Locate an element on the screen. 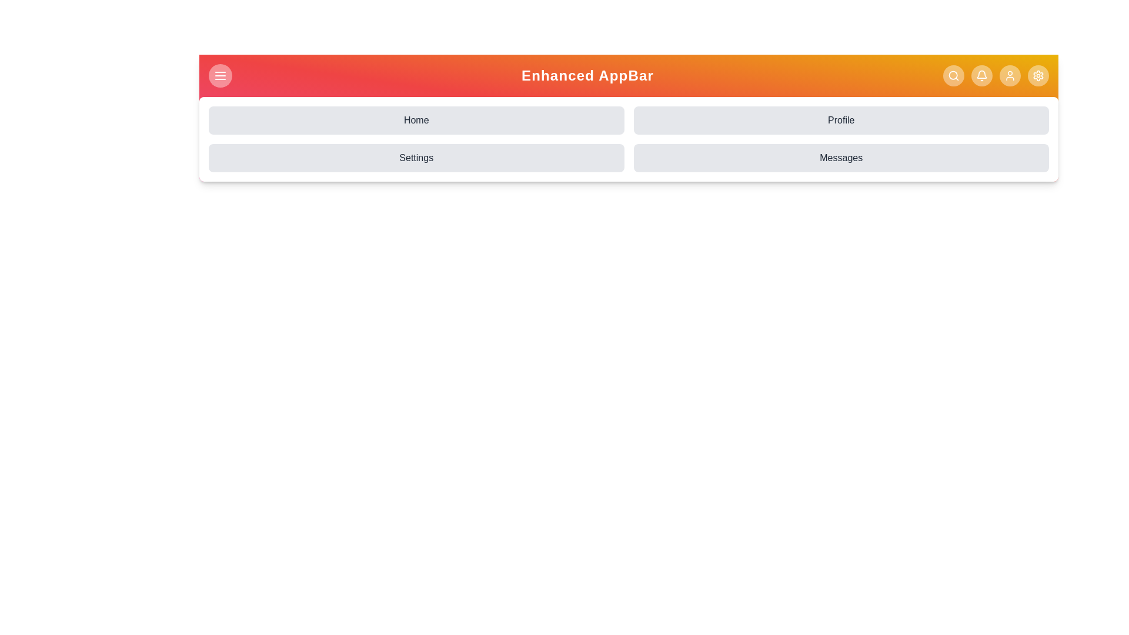 This screenshot has width=1129, height=635. the menu option Settings is located at coordinates (416, 158).